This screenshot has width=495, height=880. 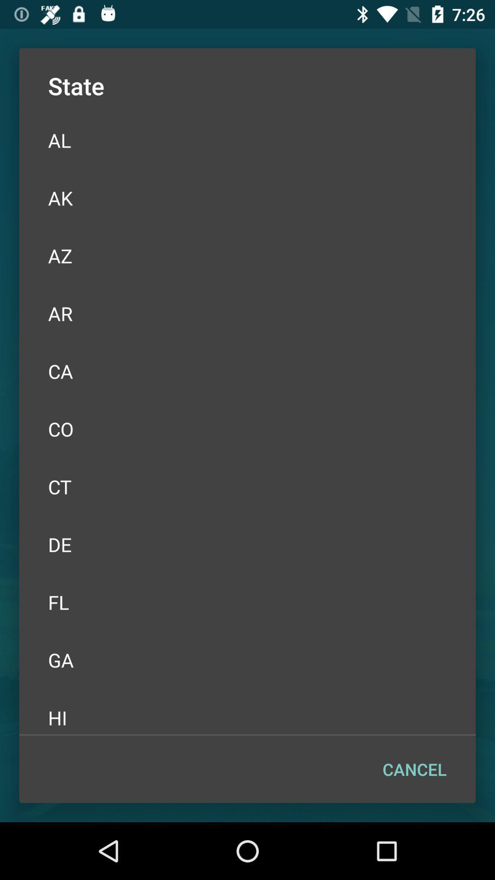 I want to click on icon above hi, so click(x=247, y=660).